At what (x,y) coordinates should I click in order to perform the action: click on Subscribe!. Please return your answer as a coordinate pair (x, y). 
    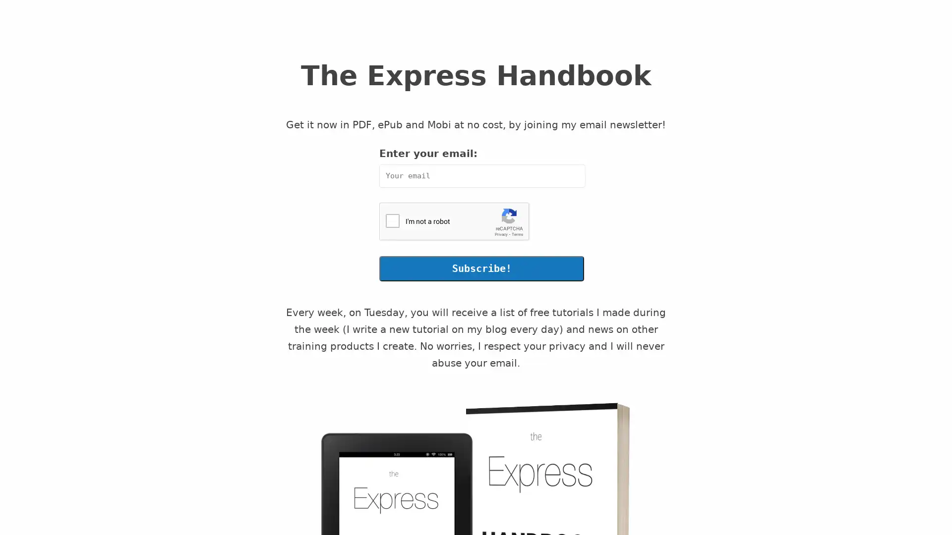
    Looking at the image, I should click on (481, 268).